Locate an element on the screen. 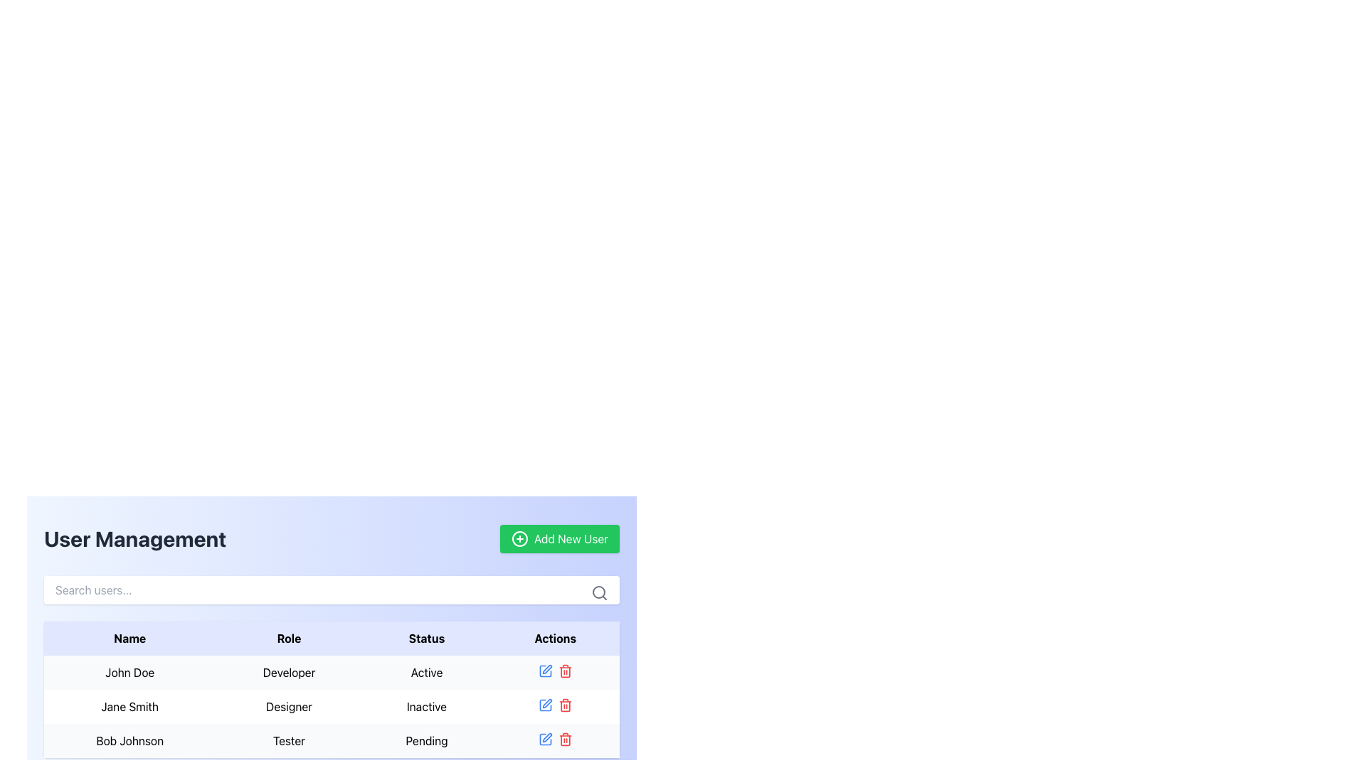 The width and height of the screenshot is (1366, 768). the text label element that reads 'Developer' located in the second column of the first row of the User Management table is located at coordinates (288, 672).